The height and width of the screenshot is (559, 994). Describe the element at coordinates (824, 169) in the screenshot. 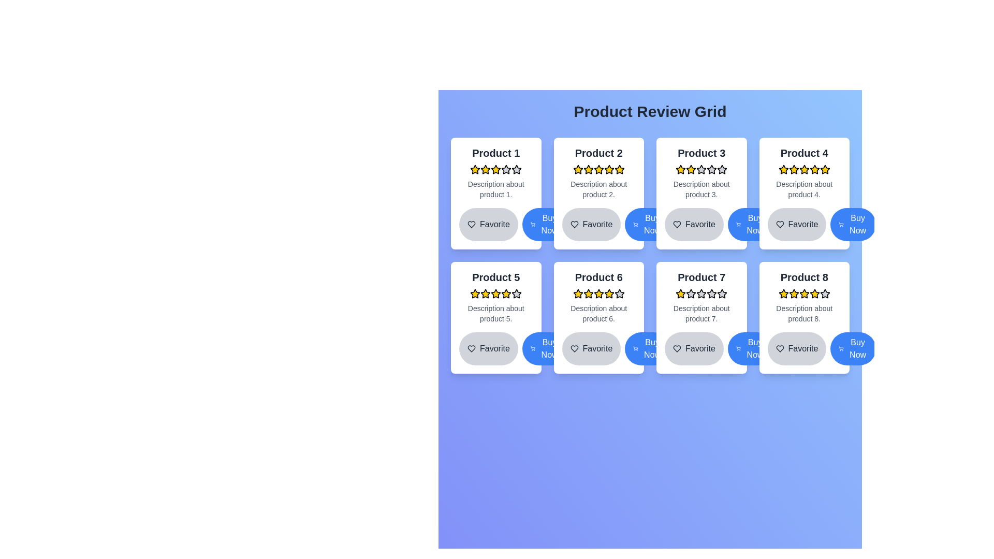

I see `the filled yellow star icon representing the fifth star in the rating system of the fourth product card for 'Product 4'` at that location.